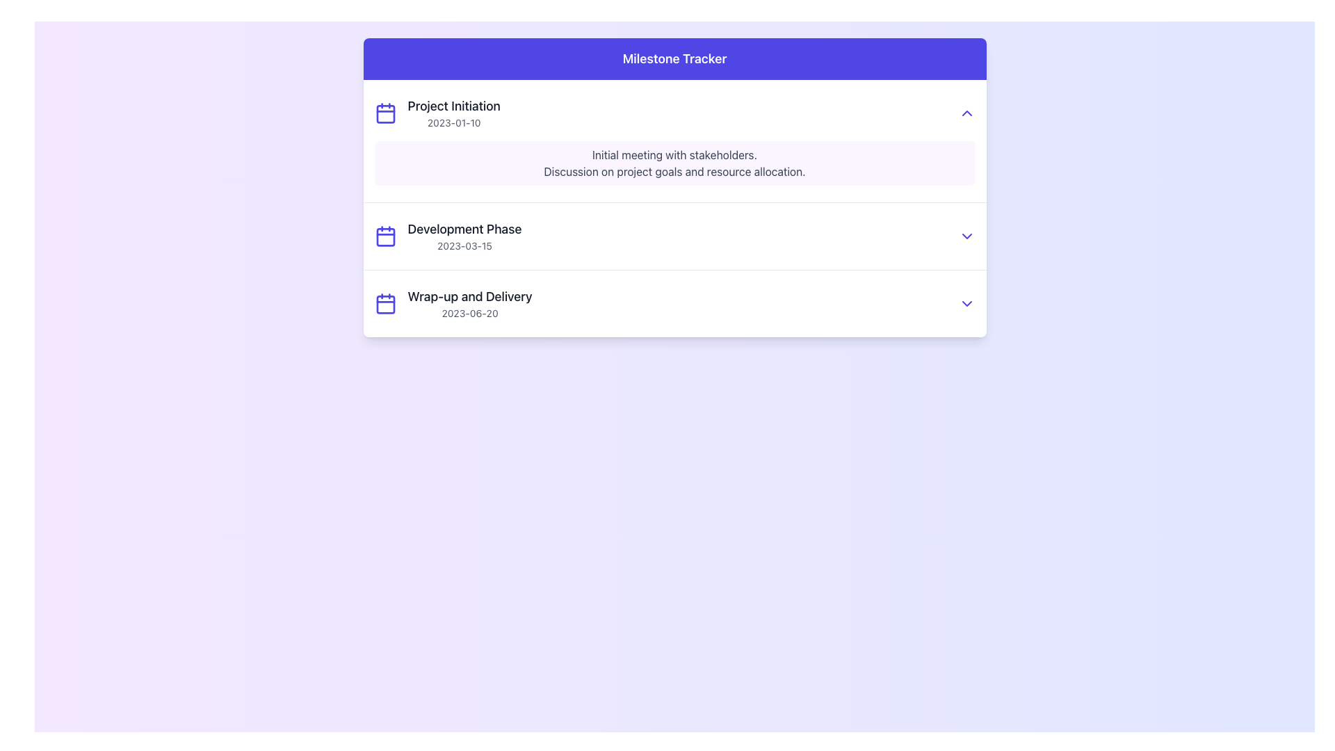  Describe the element at coordinates (385, 112) in the screenshot. I see `the blue calendar icon with rounded edges located to the left of the text 'Project Initiation' and aligned with '2023-01-10'` at that location.